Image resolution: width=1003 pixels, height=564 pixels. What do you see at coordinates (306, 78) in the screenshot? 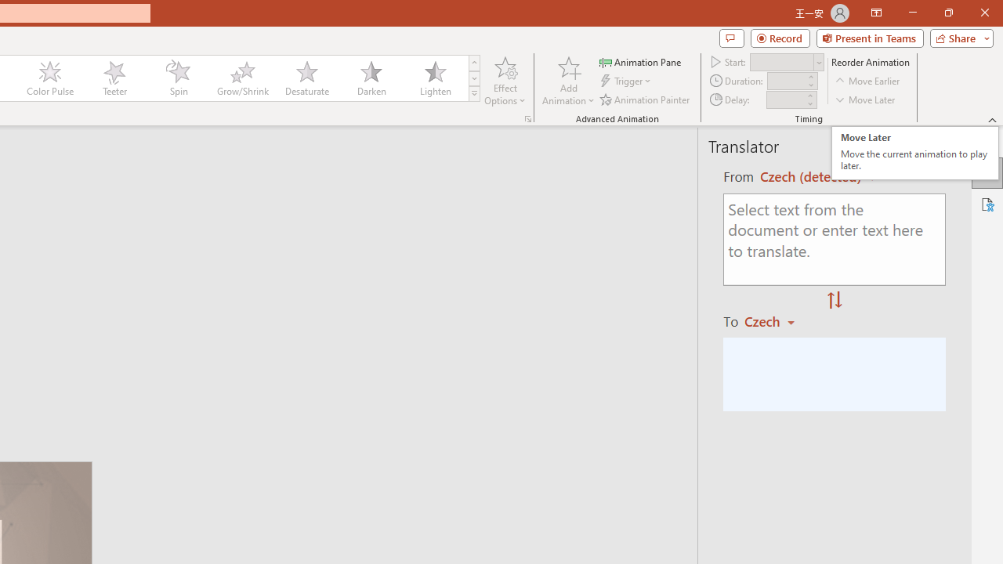
I see `'Desaturate'` at bounding box center [306, 78].